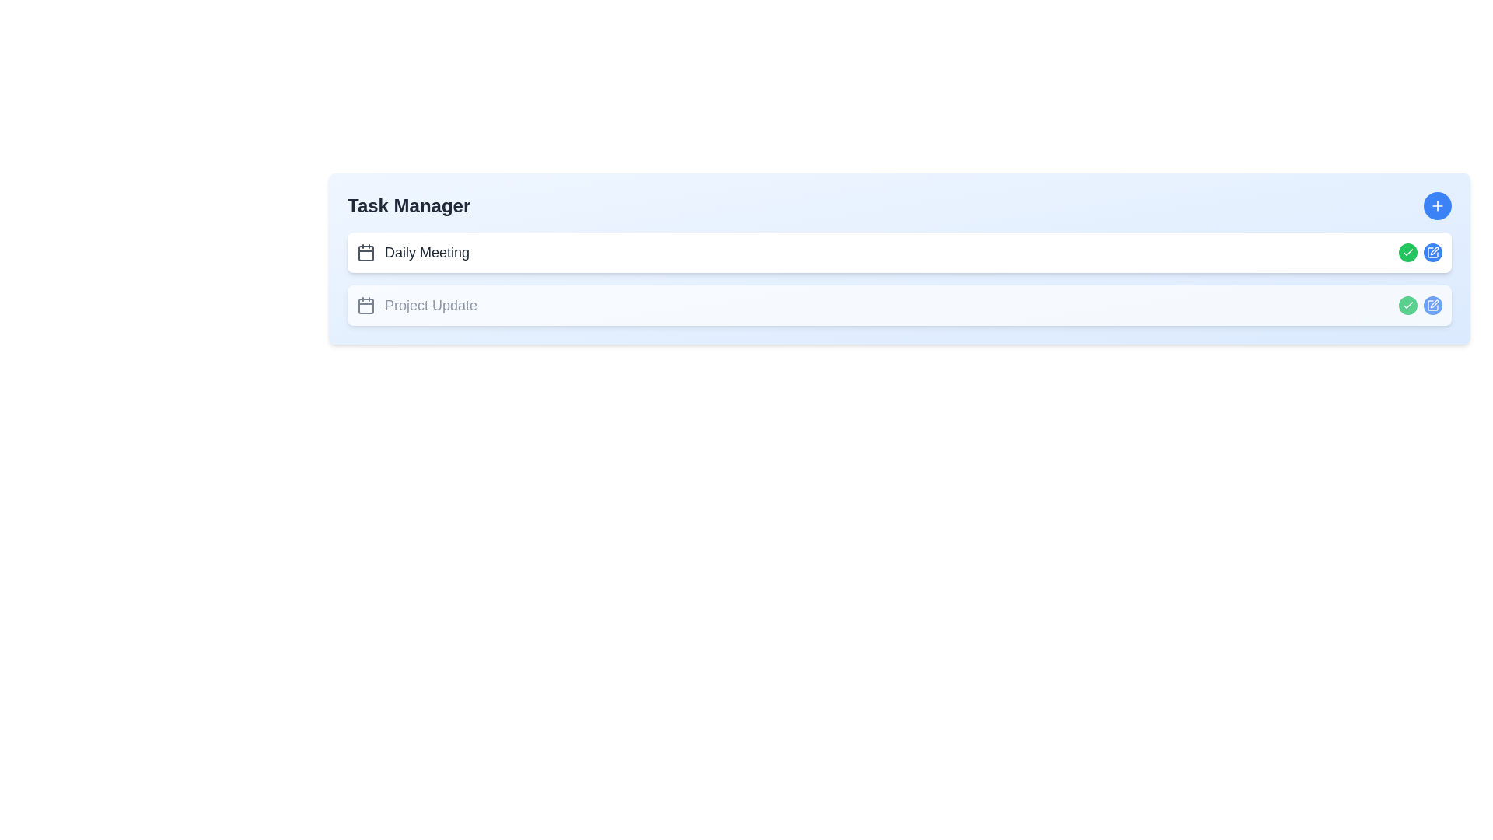  What do you see at coordinates (1421, 251) in the screenshot?
I see `the green button with a white checkmark icon` at bounding box center [1421, 251].